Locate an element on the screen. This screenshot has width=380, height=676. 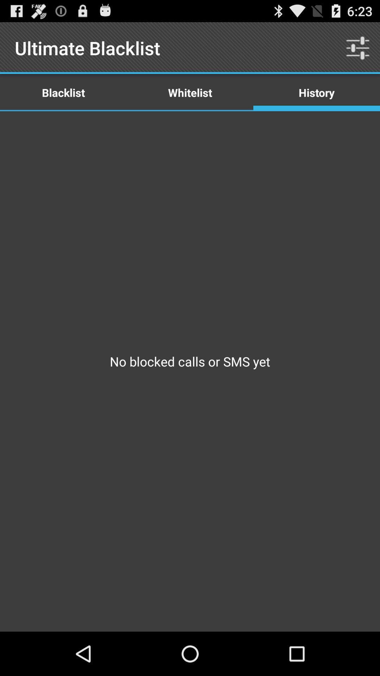
whitelist at the top is located at coordinates (190, 92).